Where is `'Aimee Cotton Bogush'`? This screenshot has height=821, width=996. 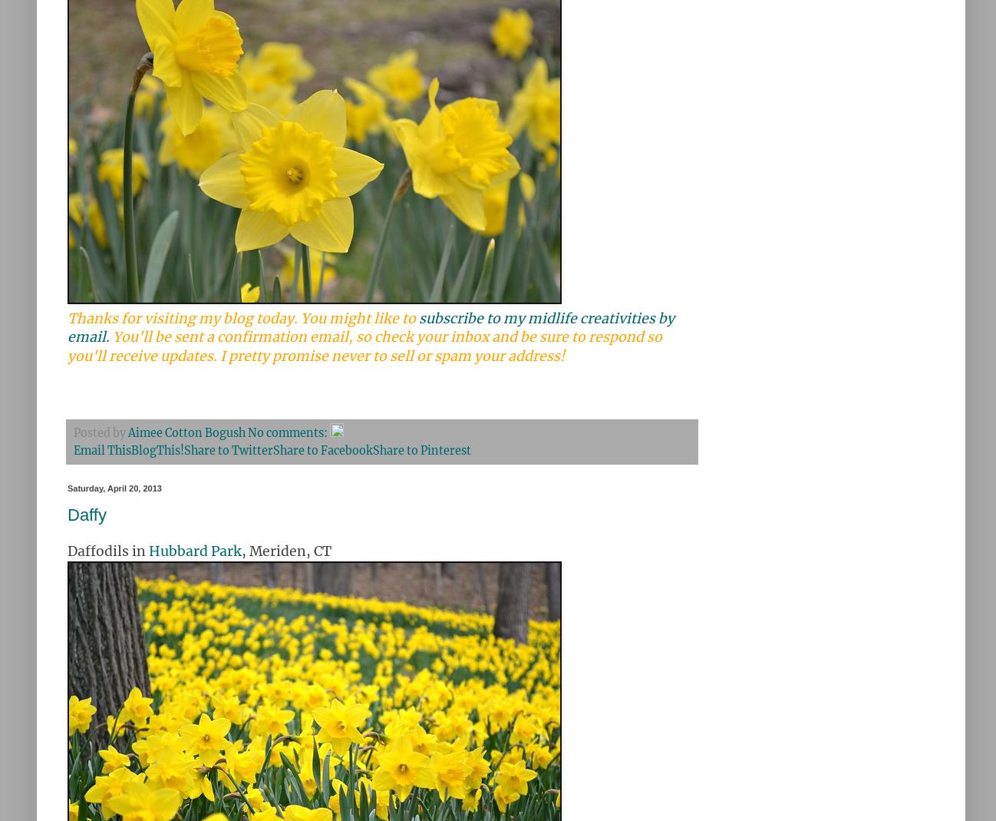 'Aimee Cotton Bogush' is located at coordinates (186, 432).